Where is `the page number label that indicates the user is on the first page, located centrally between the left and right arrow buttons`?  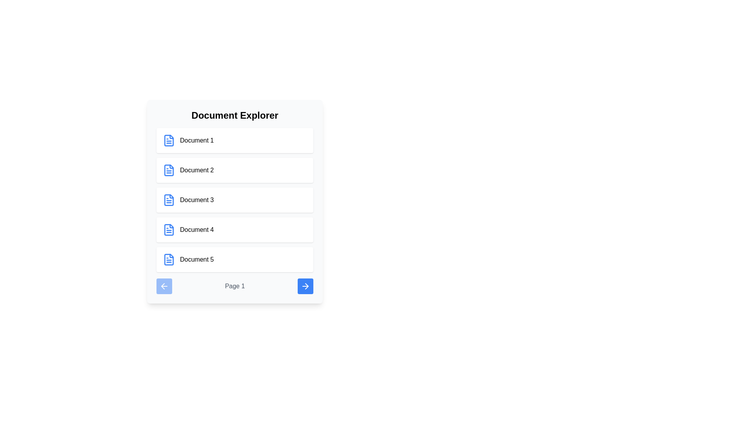 the page number label that indicates the user is on the first page, located centrally between the left and right arrow buttons is located at coordinates (235, 286).